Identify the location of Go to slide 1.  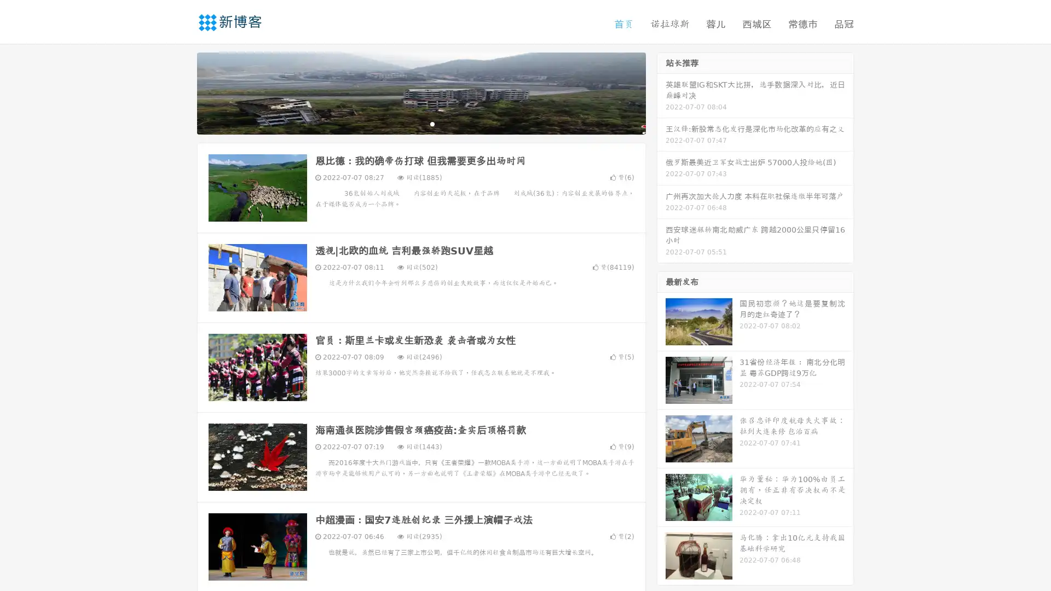
(409, 123).